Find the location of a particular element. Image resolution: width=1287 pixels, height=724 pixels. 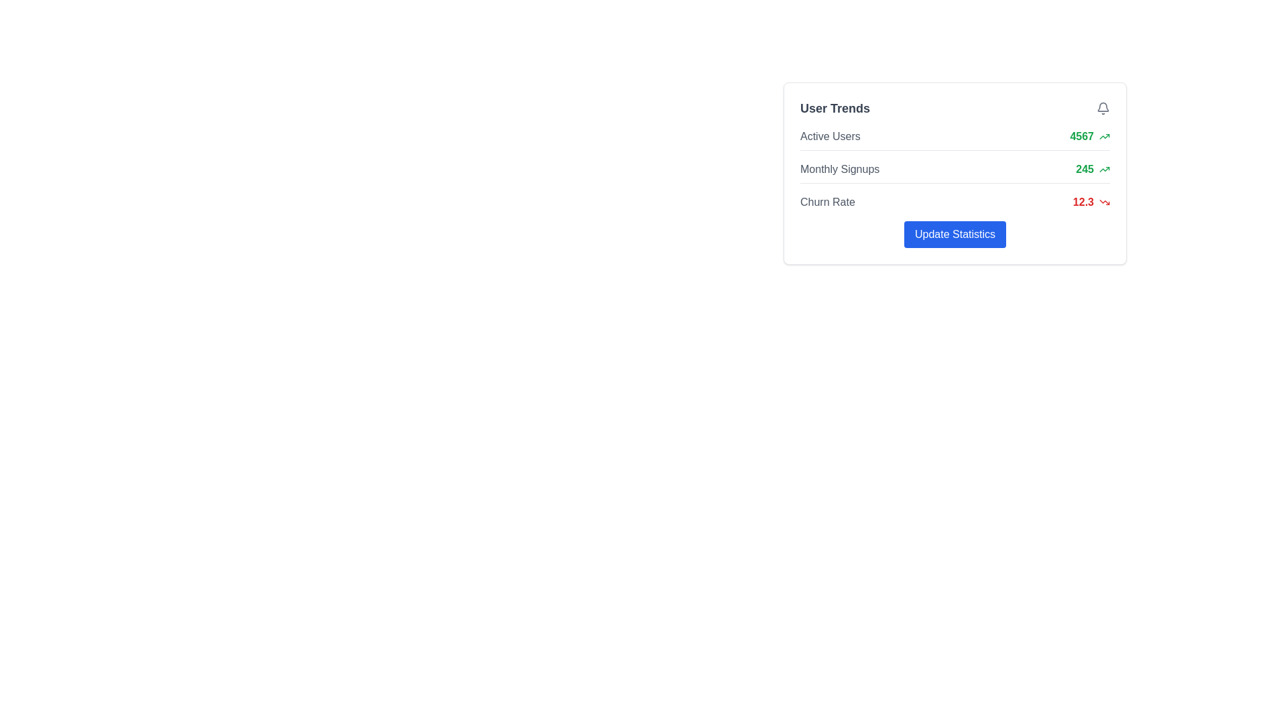

the button located at the bottom of the 'User Trends' card to update statistics is located at coordinates (955, 234).